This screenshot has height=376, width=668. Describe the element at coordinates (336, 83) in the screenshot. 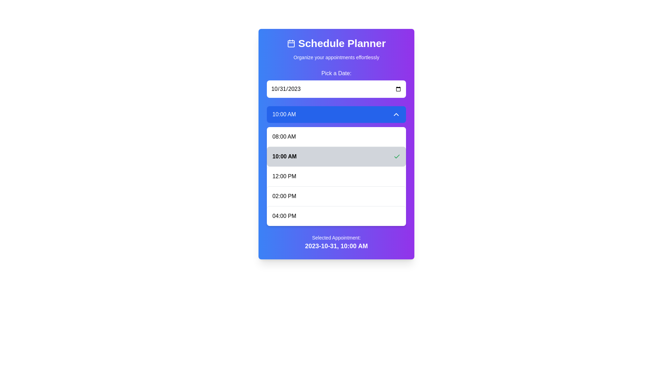

I see `the calendar icon next to the Date selection input field` at that location.